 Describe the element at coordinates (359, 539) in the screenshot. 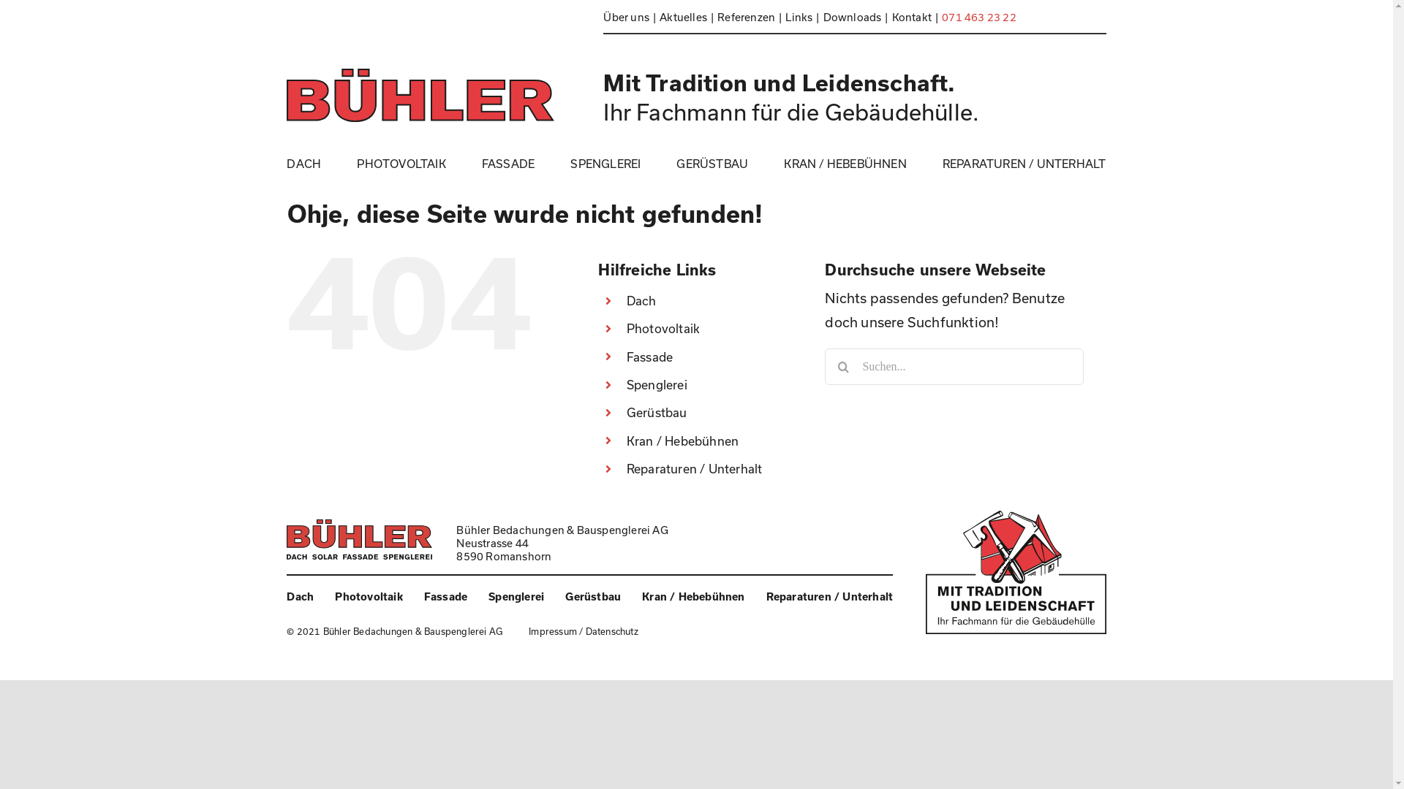

I see `'logo_buehler'` at that location.